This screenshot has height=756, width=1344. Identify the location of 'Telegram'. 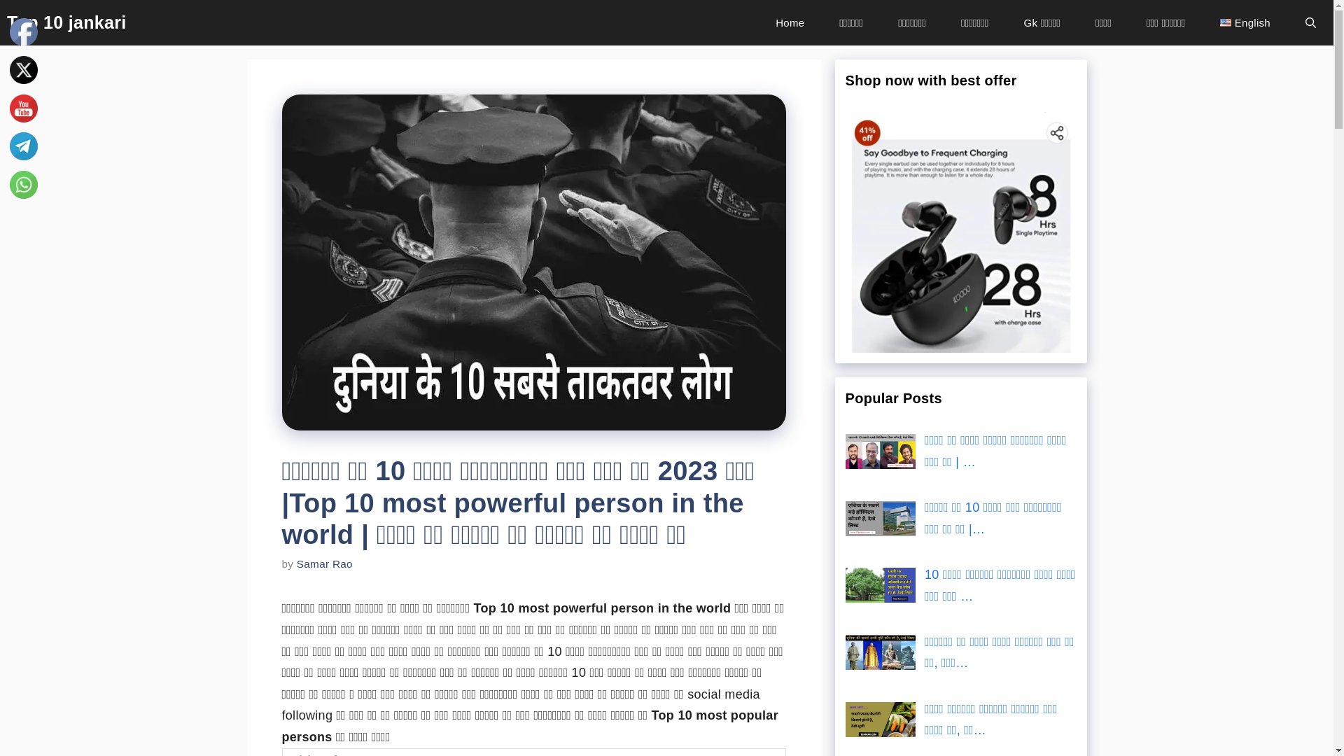
(23, 146).